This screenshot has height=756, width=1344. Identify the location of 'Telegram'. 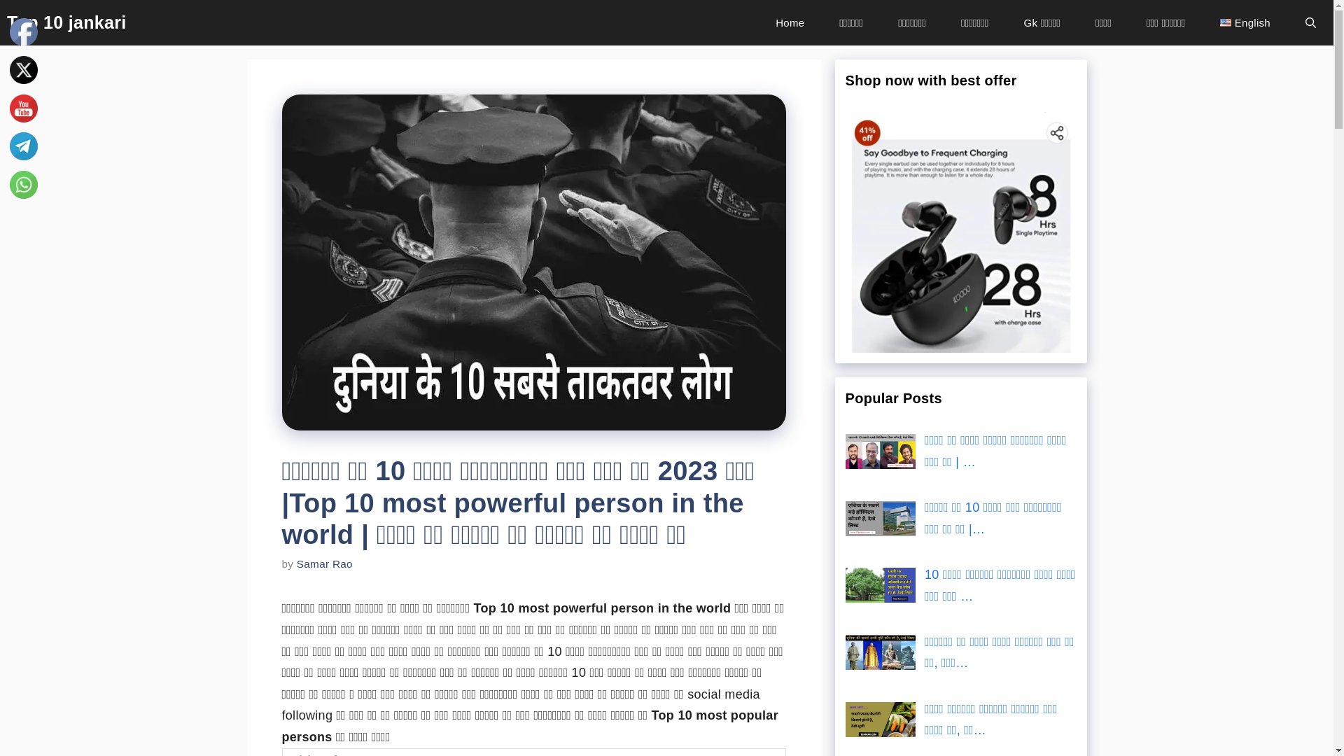
(23, 146).